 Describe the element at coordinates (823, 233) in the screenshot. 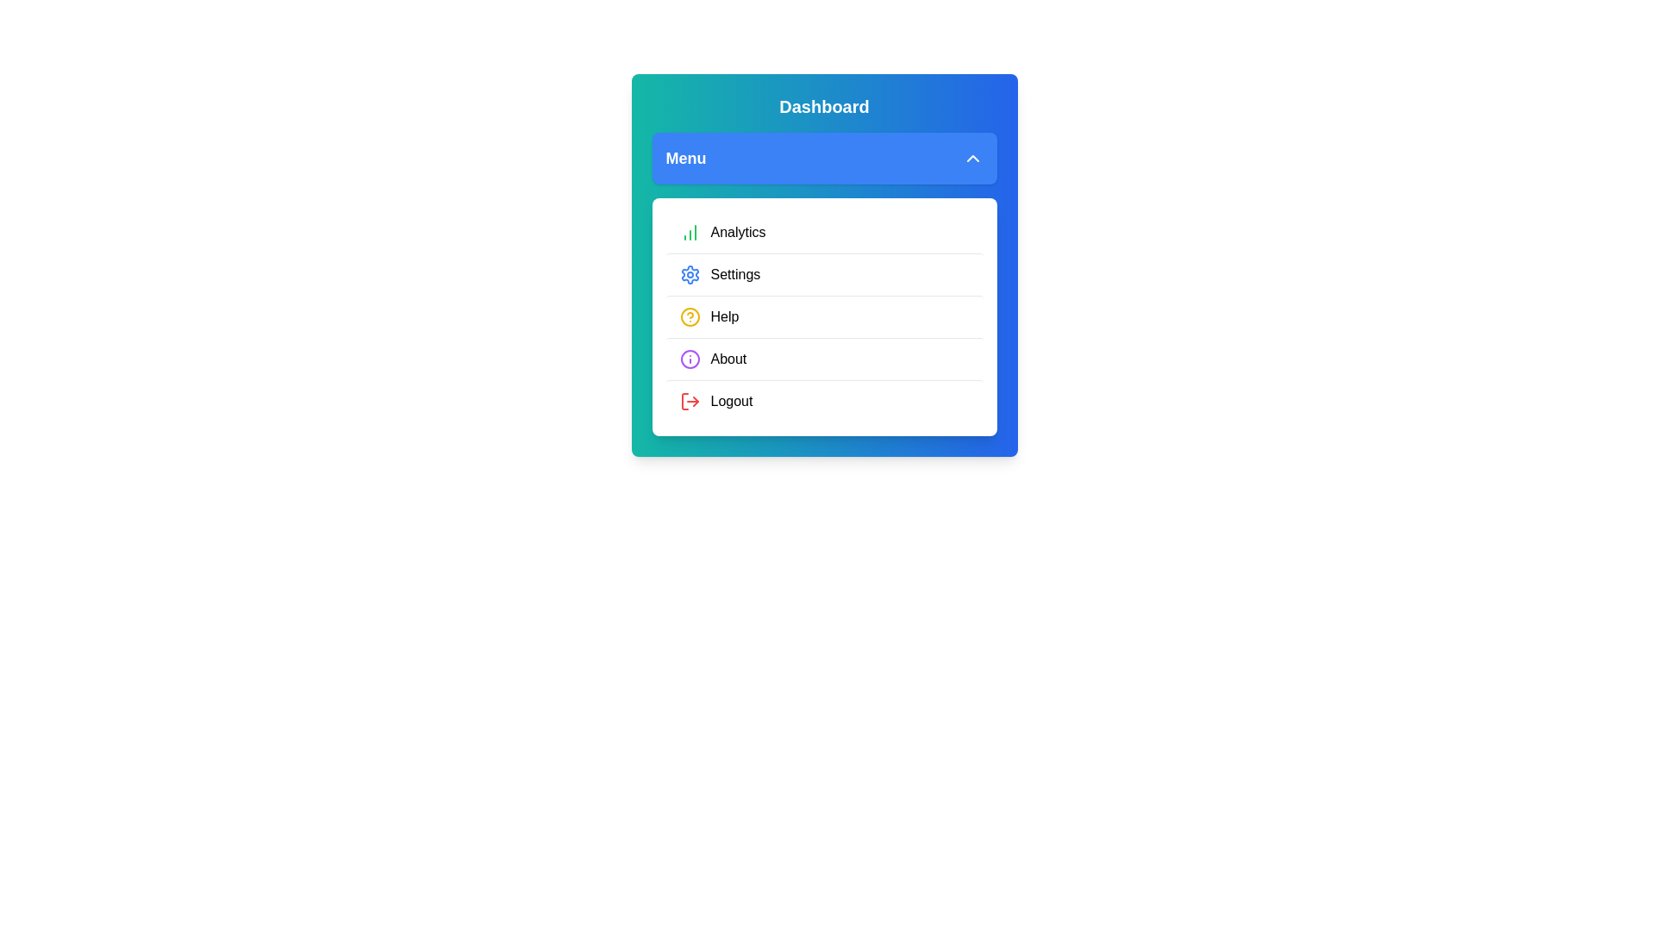

I see `the first menu item in the dropdown menu under the 'Menu' section` at that location.